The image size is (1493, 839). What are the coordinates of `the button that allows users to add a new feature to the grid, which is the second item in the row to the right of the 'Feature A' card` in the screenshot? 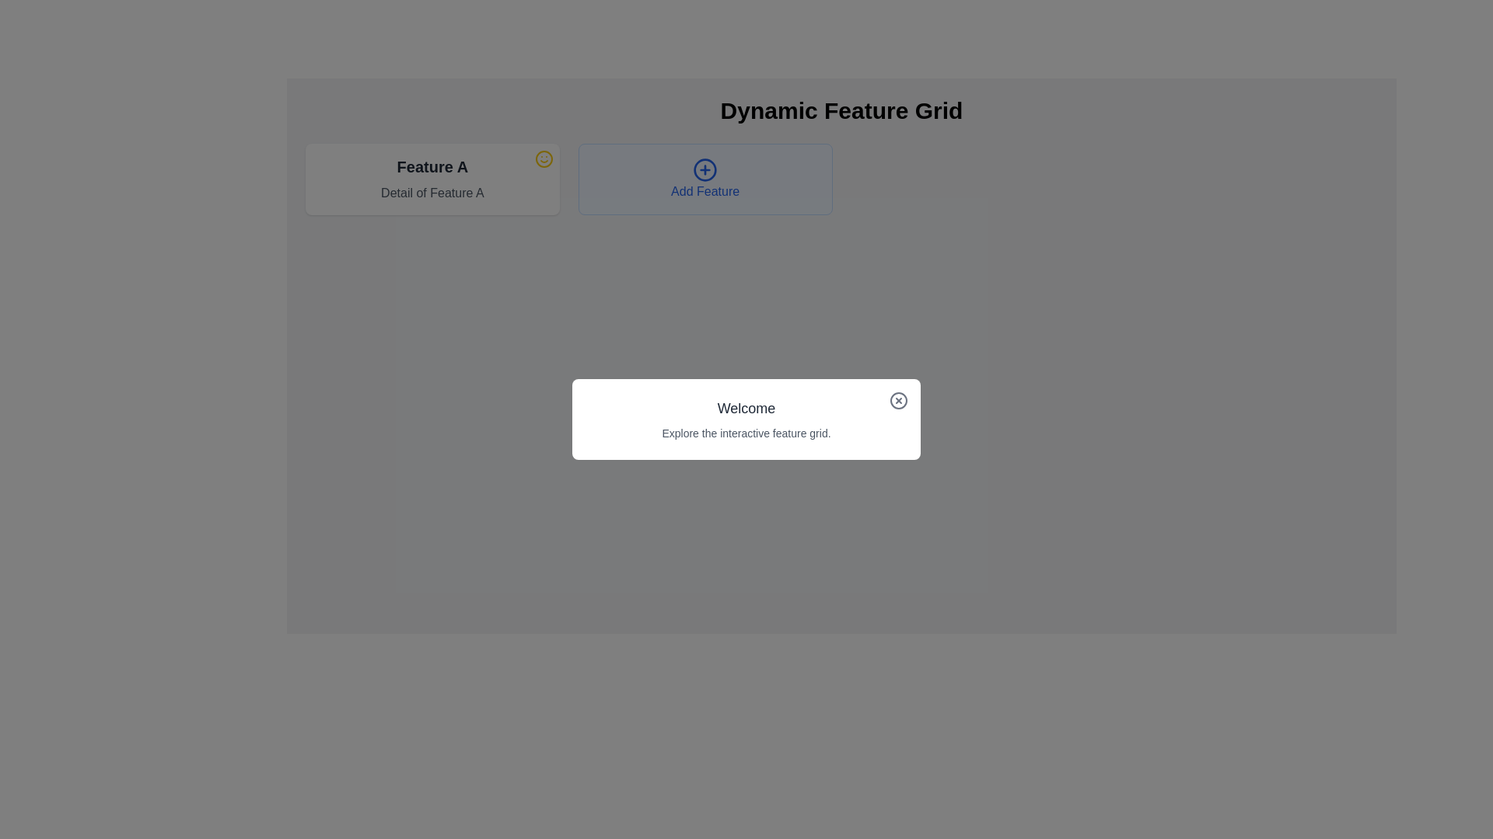 It's located at (705, 179).